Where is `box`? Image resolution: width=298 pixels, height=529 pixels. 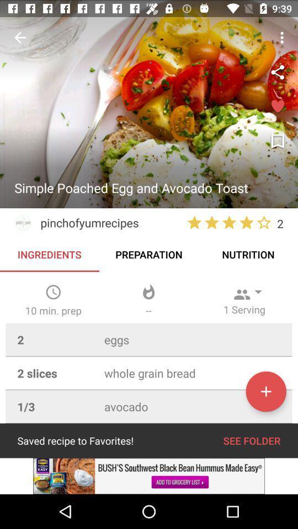
box is located at coordinates (277, 107).